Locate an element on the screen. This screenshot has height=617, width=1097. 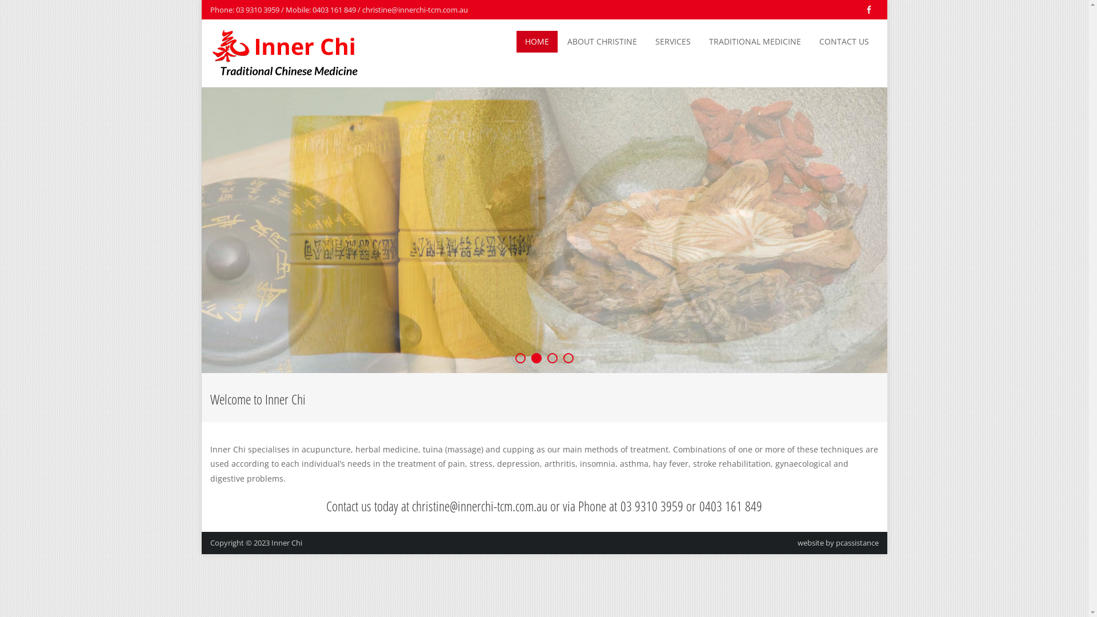
'2' is located at coordinates (536, 358).